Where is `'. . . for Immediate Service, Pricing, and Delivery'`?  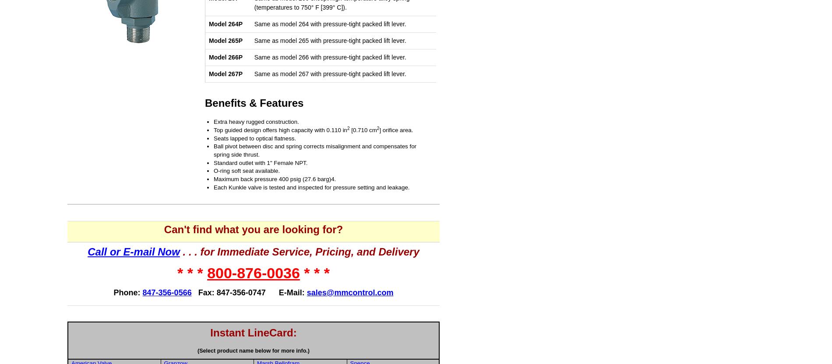
'. . . for Immediate Service, Pricing, and Delivery' is located at coordinates (299, 251).